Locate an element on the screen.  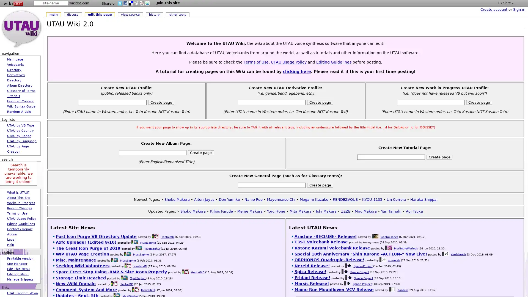
Create page is located at coordinates (320, 185).